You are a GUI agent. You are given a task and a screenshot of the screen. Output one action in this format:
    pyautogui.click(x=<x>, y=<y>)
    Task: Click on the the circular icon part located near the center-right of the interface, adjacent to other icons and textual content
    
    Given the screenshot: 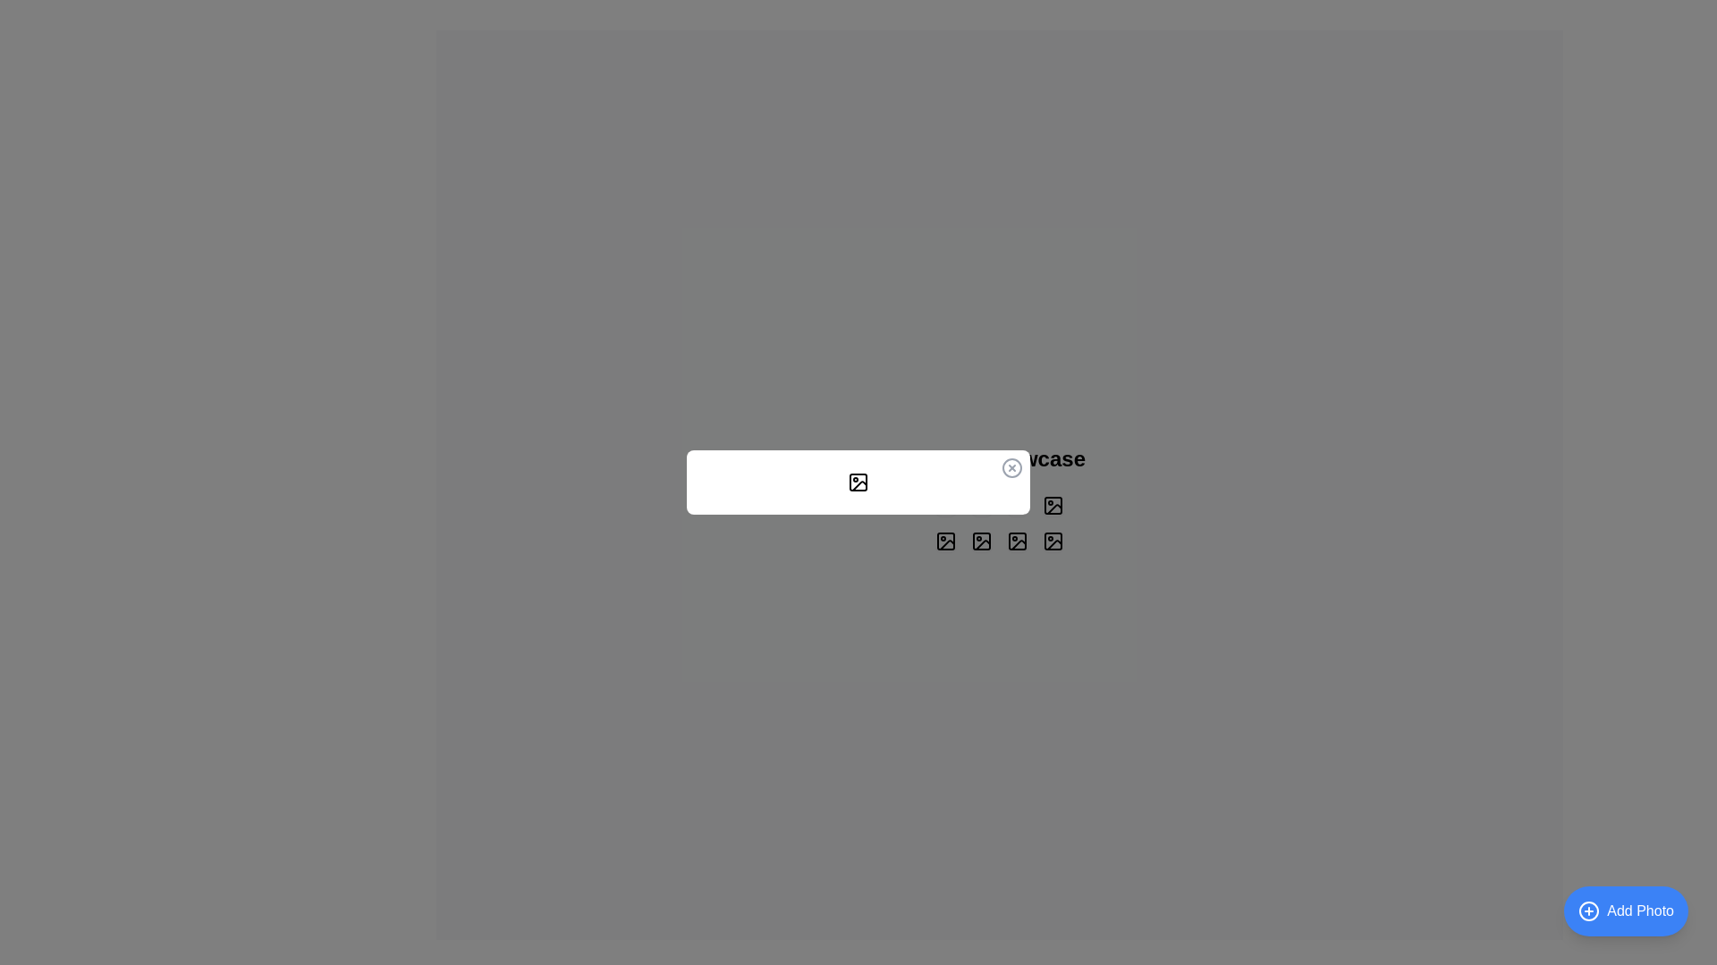 What is the action you would take?
    pyautogui.click(x=1017, y=505)
    